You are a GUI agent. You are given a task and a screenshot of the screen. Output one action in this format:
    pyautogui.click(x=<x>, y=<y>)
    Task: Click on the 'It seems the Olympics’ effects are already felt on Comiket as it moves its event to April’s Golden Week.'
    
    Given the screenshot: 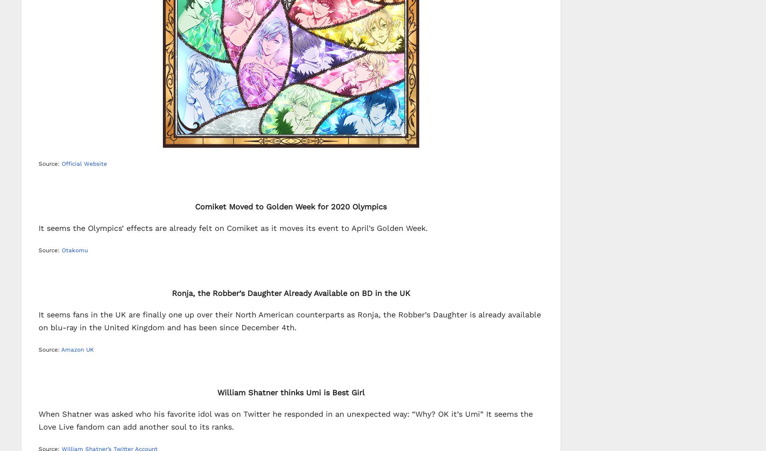 What is the action you would take?
    pyautogui.click(x=232, y=227)
    